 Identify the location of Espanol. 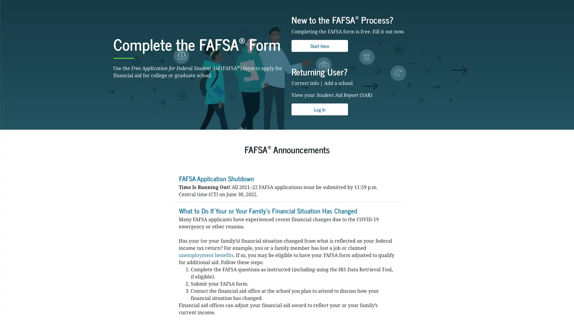
(454, 4).